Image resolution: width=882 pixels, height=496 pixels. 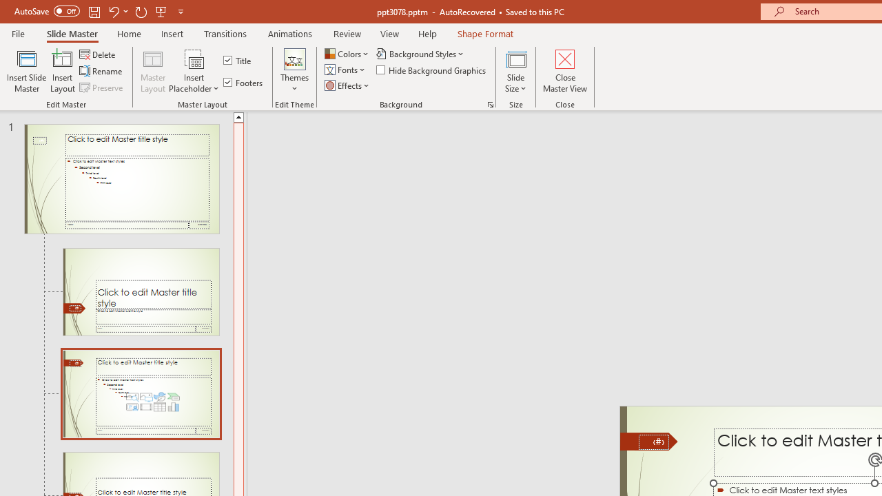 What do you see at coordinates (294, 71) in the screenshot?
I see `'Themes'` at bounding box center [294, 71].